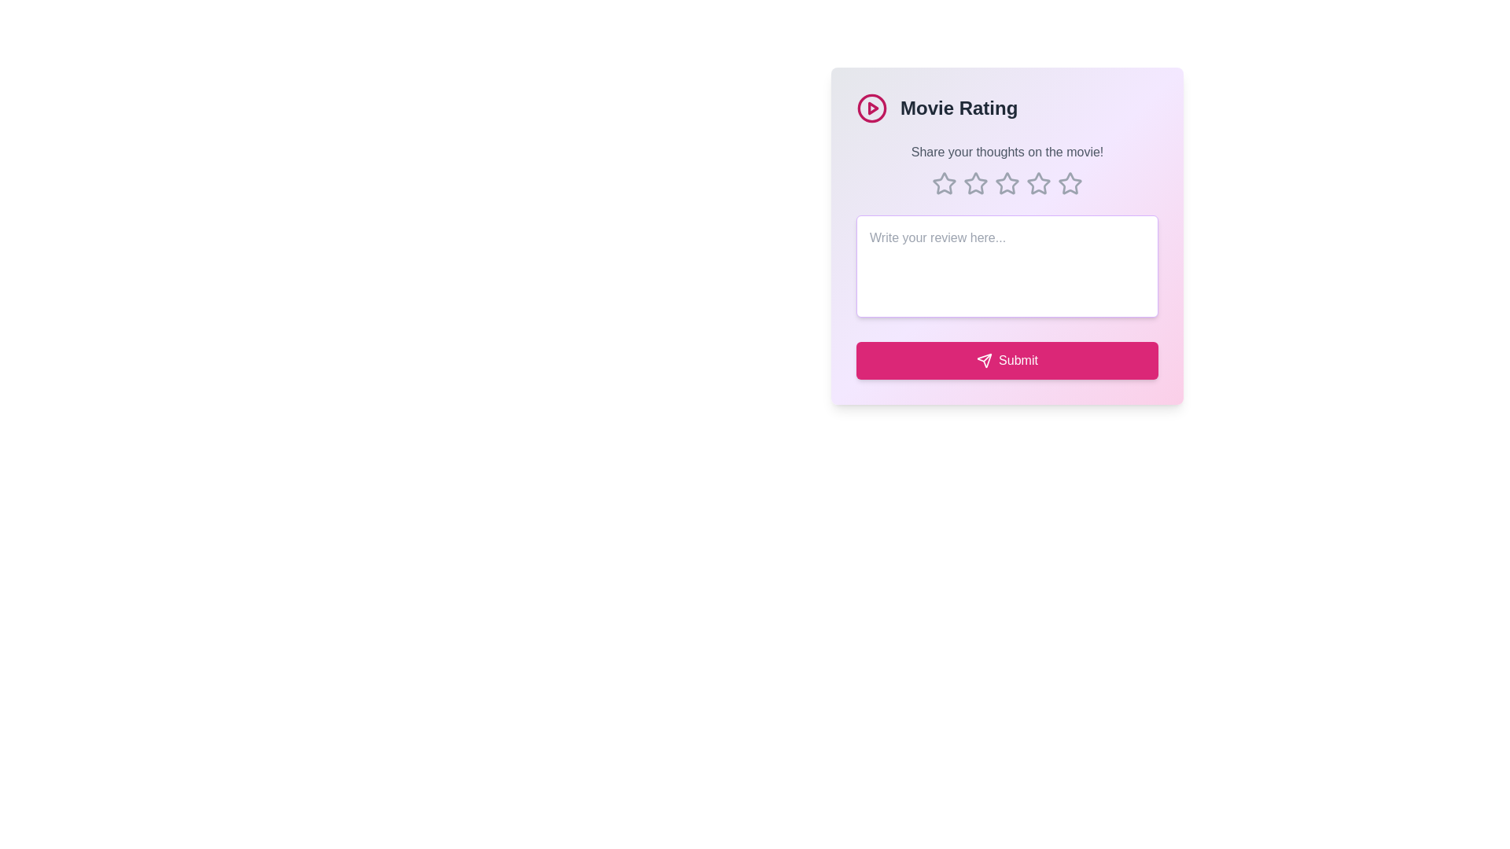 The width and height of the screenshot is (1510, 849). Describe the element at coordinates (1007, 182) in the screenshot. I see `the second star icon in the rating row, which has a hollow center and a gray outline` at that location.